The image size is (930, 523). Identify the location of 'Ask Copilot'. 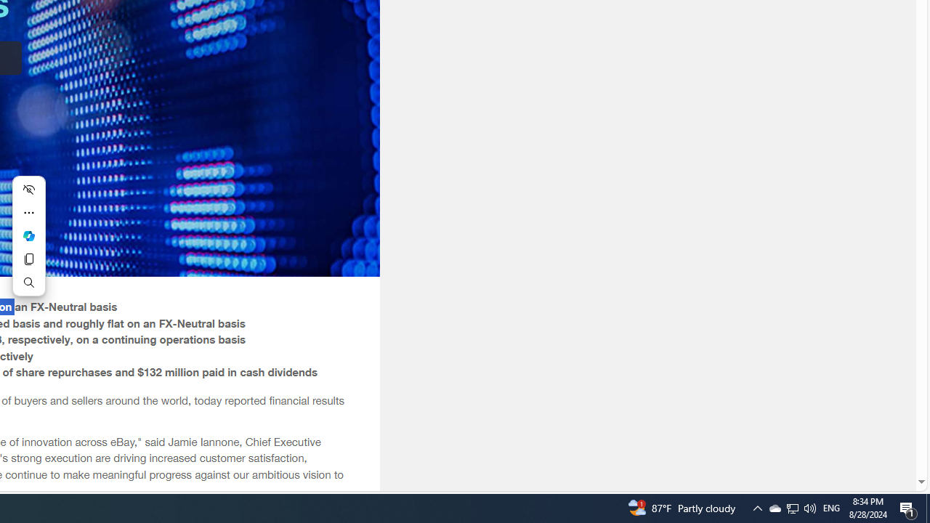
(28, 235).